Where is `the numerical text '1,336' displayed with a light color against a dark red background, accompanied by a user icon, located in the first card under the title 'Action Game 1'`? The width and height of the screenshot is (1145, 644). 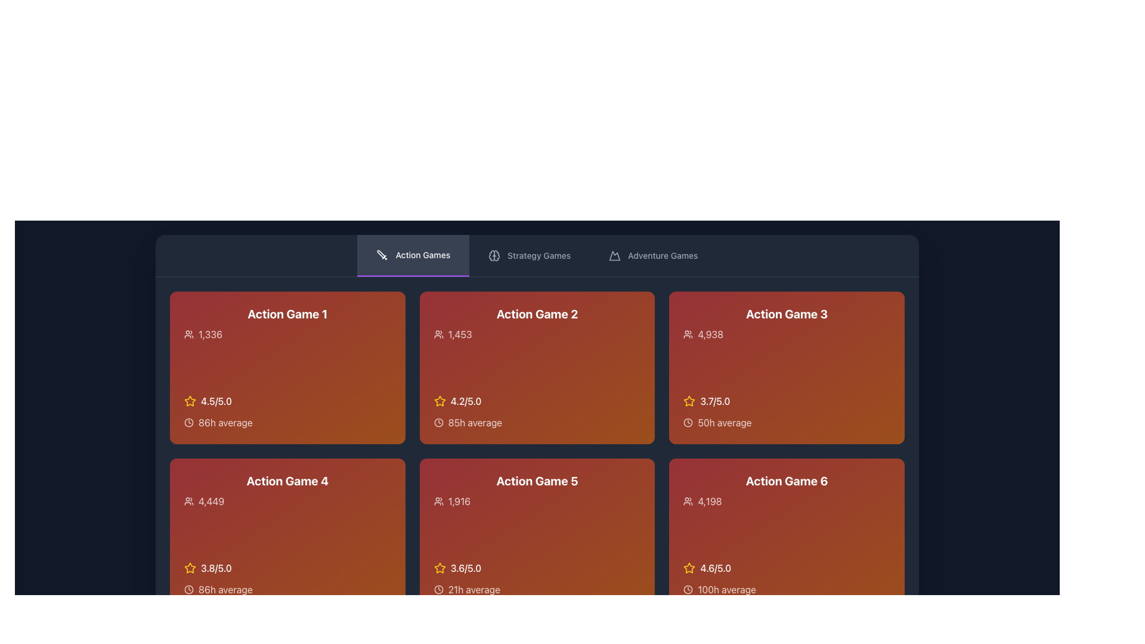 the numerical text '1,336' displayed with a light color against a dark red background, accompanied by a user icon, located in the first card under the title 'Action Game 1' is located at coordinates (287, 334).